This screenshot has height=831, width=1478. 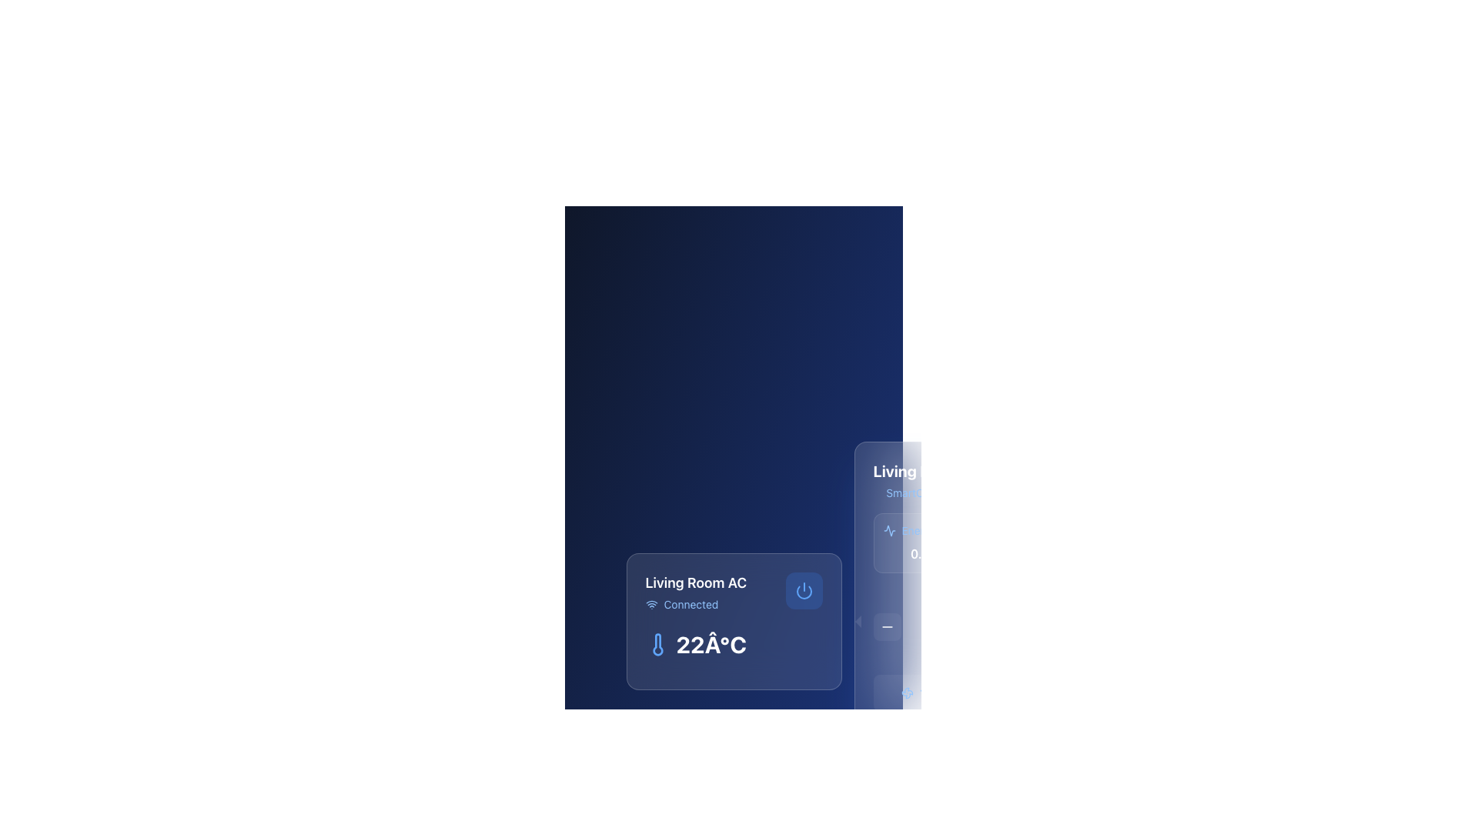 What do you see at coordinates (889, 530) in the screenshot?
I see `the decorative status icon located on the right side of the application's interface, which symbolizes activity or status` at bounding box center [889, 530].